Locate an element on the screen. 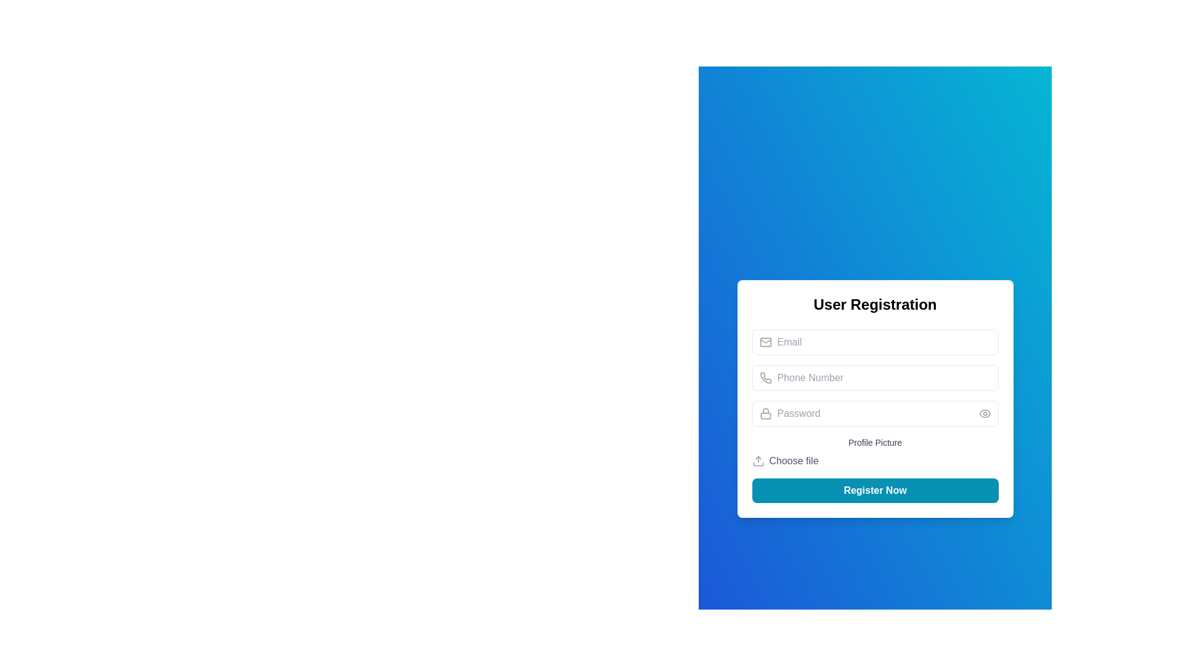 The image size is (1183, 665). the small gray upload icon with an upward-pointing arrow, located to the left of the 'Choose file' option is located at coordinates (757, 461).